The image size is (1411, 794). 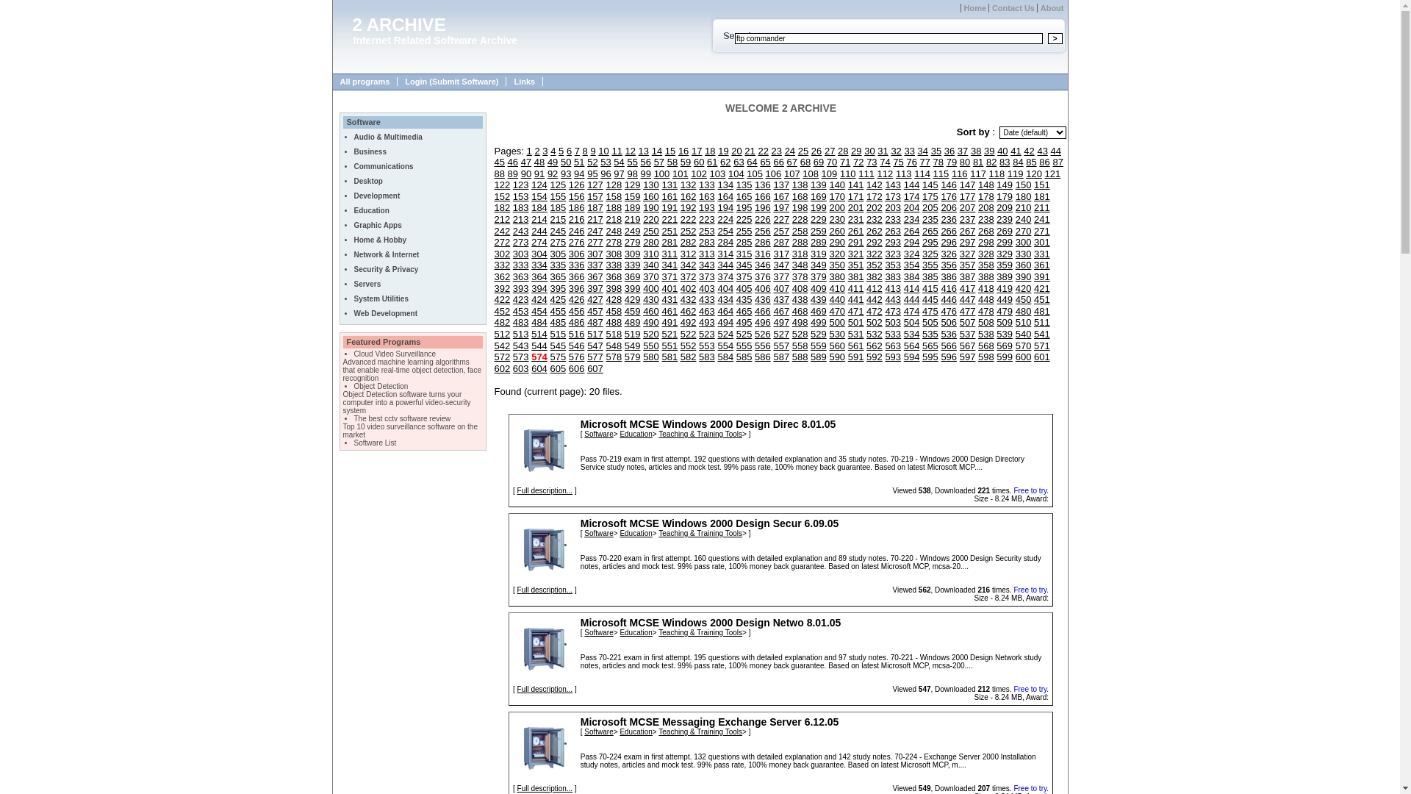 I want to click on '360', so click(x=1022, y=265).